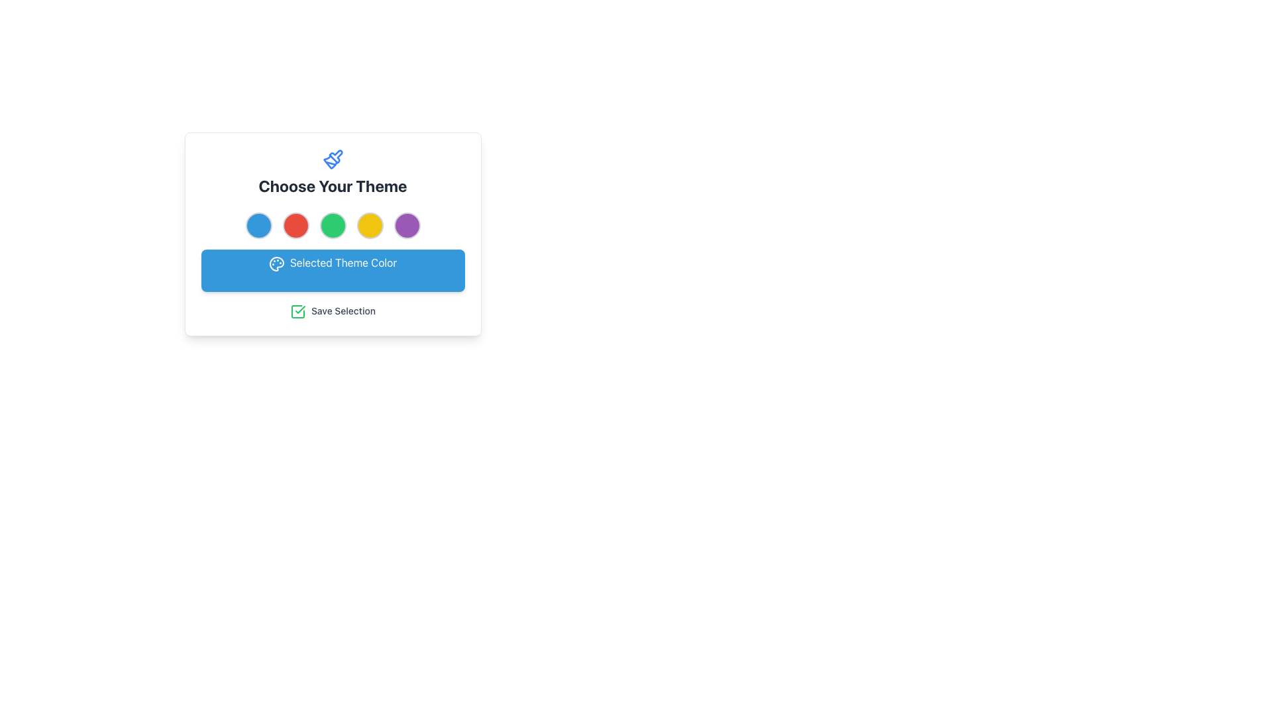 This screenshot has height=715, width=1272. What do you see at coordinates (295, 224) in the screenshot?
I see `the vibrant red circular button with a grey border, positioned second from the left in a row of five buttons` at bounding box center [295, 224].